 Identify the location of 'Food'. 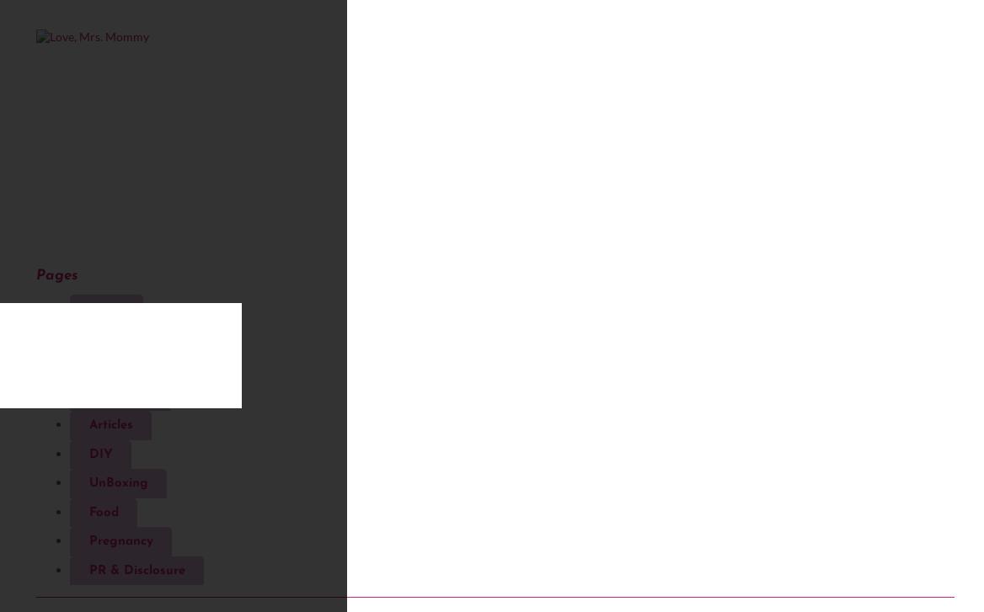
(102, 511).